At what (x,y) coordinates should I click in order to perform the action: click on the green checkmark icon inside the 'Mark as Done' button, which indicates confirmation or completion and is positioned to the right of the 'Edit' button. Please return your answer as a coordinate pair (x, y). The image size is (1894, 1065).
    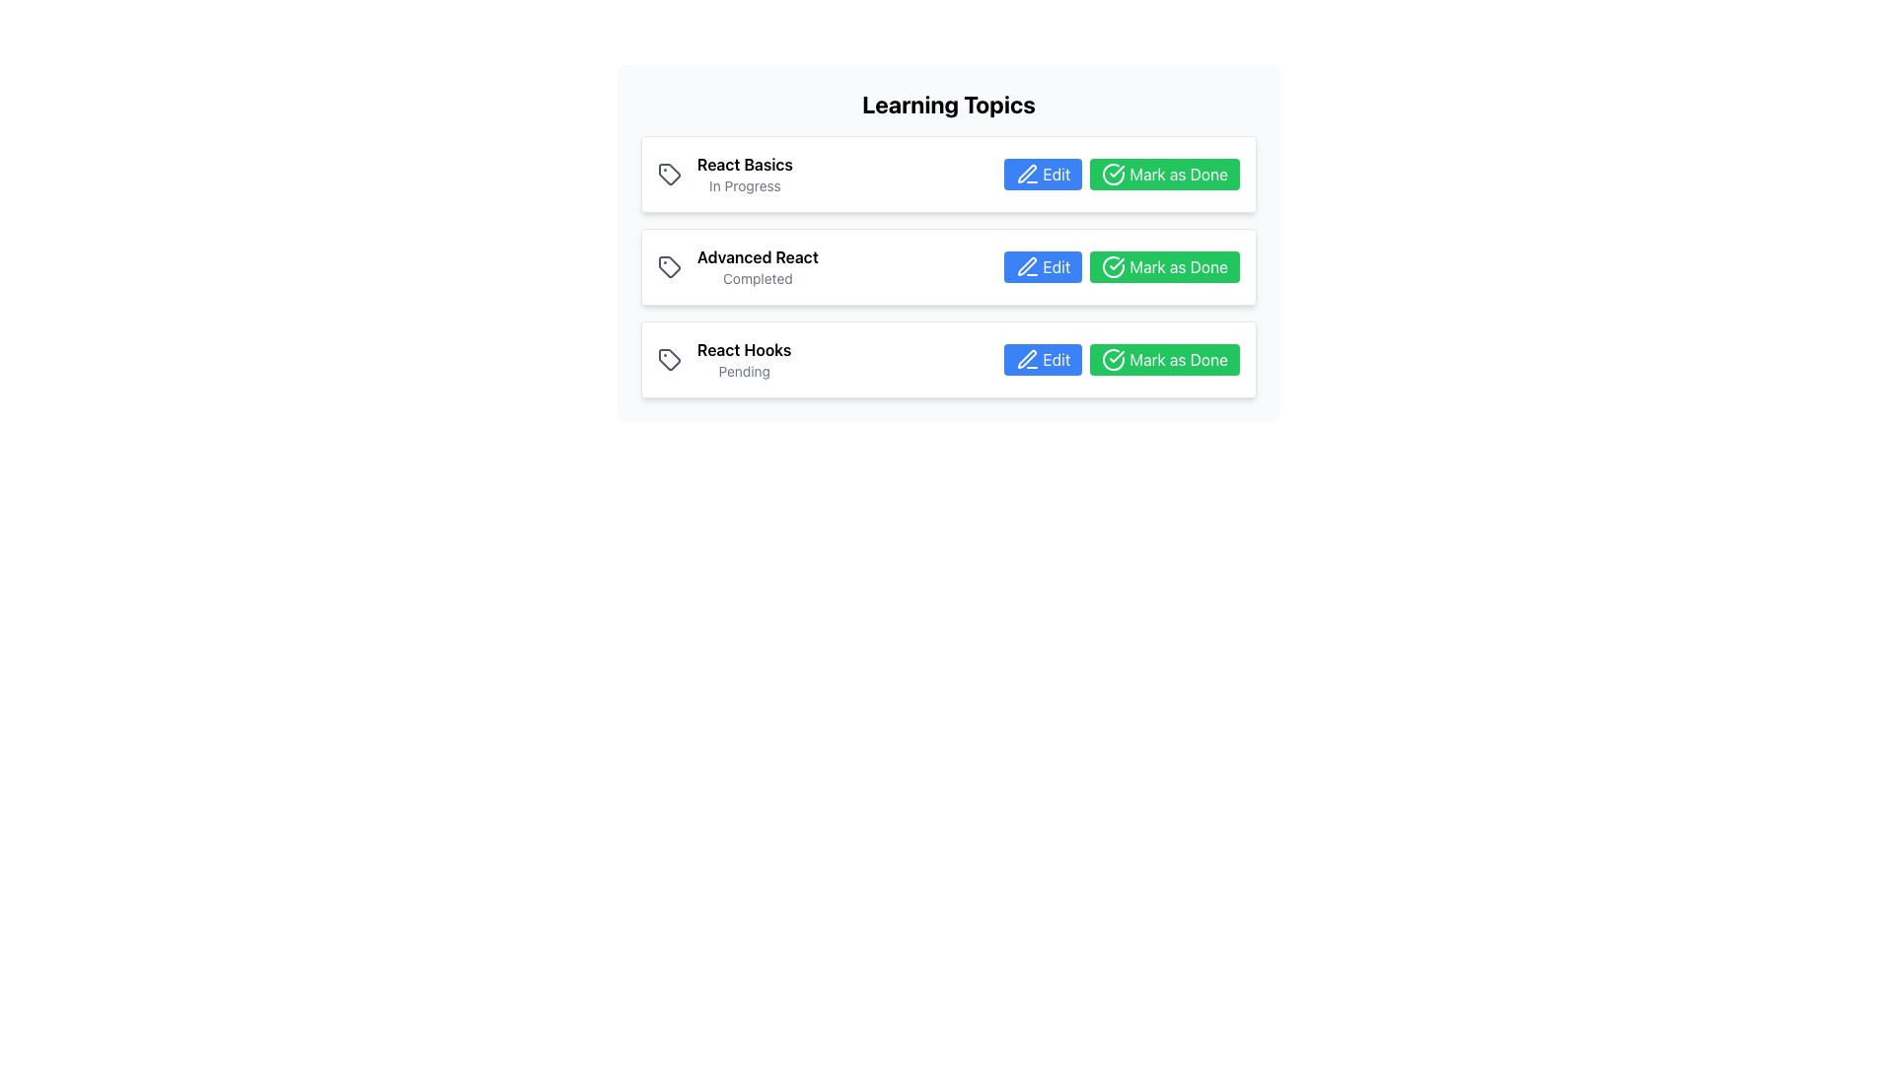
    Looking at the image, I should click on (1114, 174).